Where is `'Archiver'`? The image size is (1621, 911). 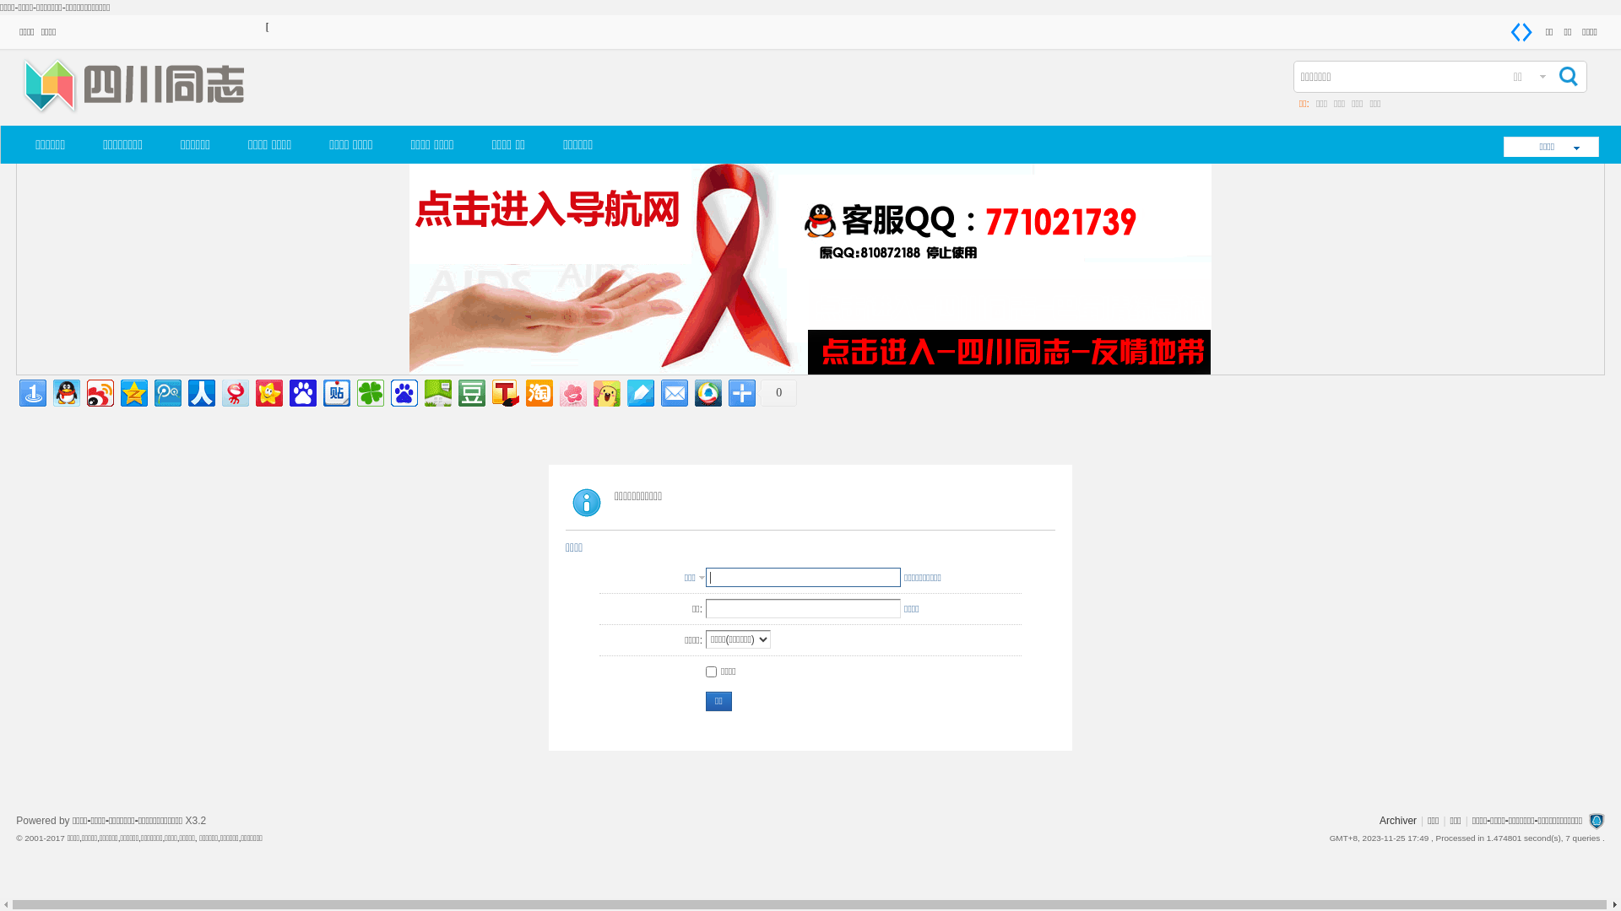
'Archiver' is located at coordinates (1398, 819).